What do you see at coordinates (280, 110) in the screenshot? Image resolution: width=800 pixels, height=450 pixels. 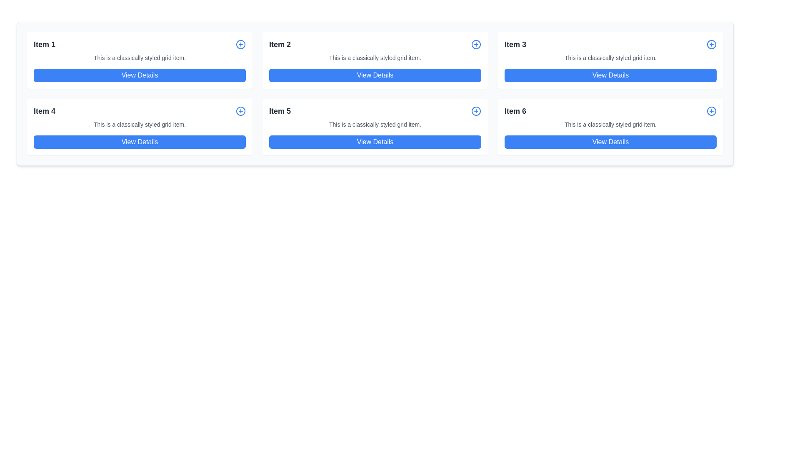 I see `the text label displaying 'Item 5', which is bold and dark gray, located at the top-left corner of the fifth card in the grid layout` at bounding box center [280, 110].